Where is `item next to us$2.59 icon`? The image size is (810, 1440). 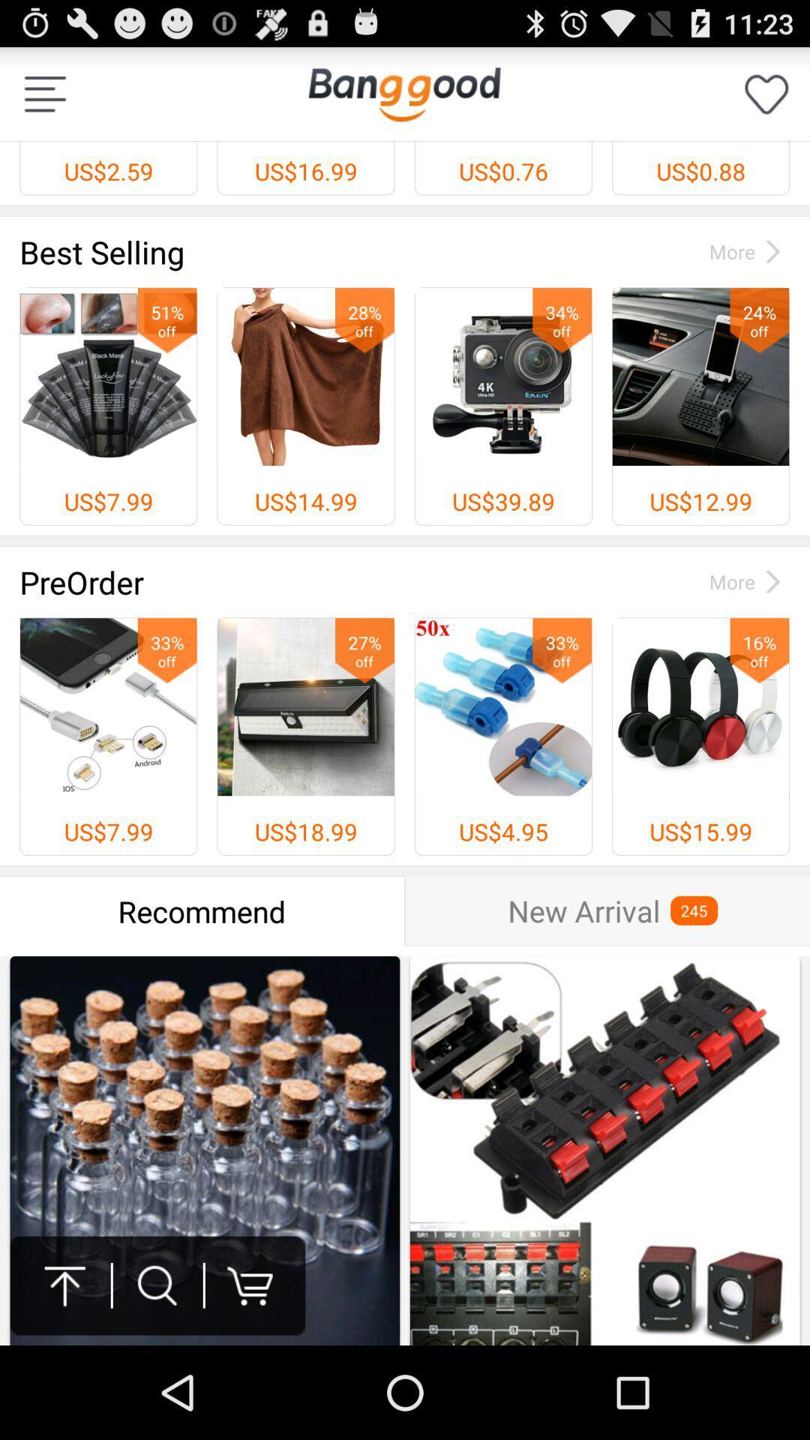 item next to us$2.59 icon is located at coordinates (403, 93).